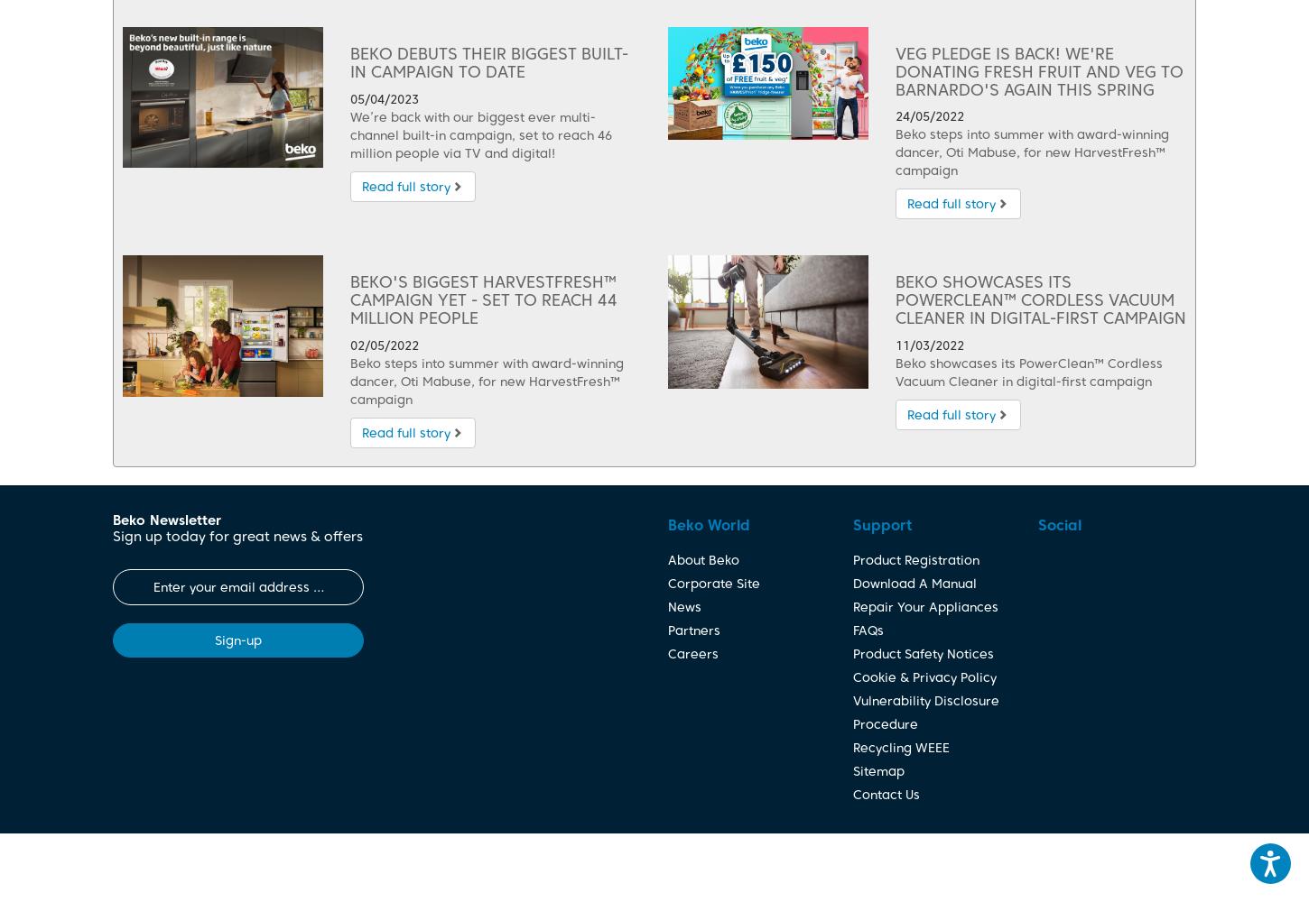  Describe the element at coordinates (851, 700) in the screenshot. I see `'Vulnerability Disclosure'` at that location.